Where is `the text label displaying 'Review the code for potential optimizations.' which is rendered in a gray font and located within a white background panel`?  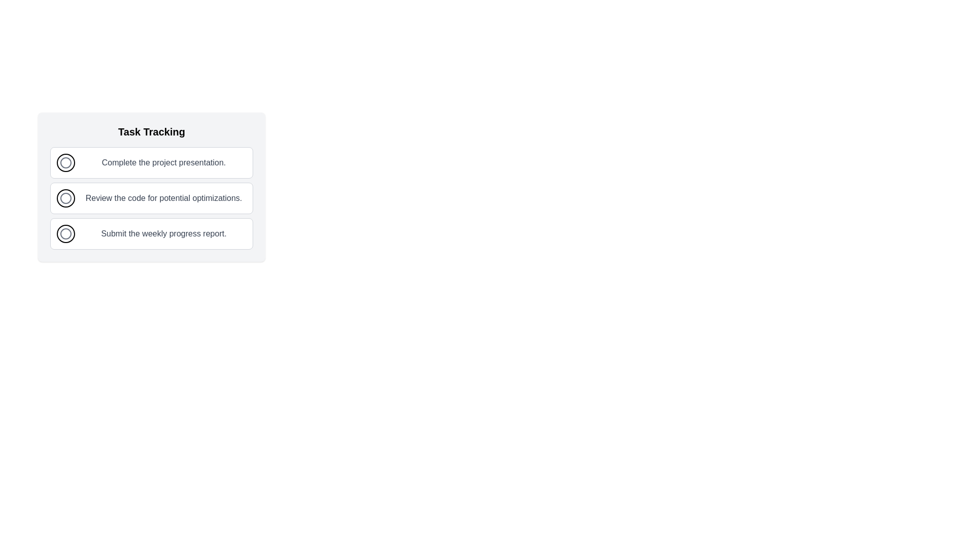
the text label displaying 'Review the code for potential optimizations.' which is rendered in a gray font and located within a white background panel is located at coordinates (163, 198).